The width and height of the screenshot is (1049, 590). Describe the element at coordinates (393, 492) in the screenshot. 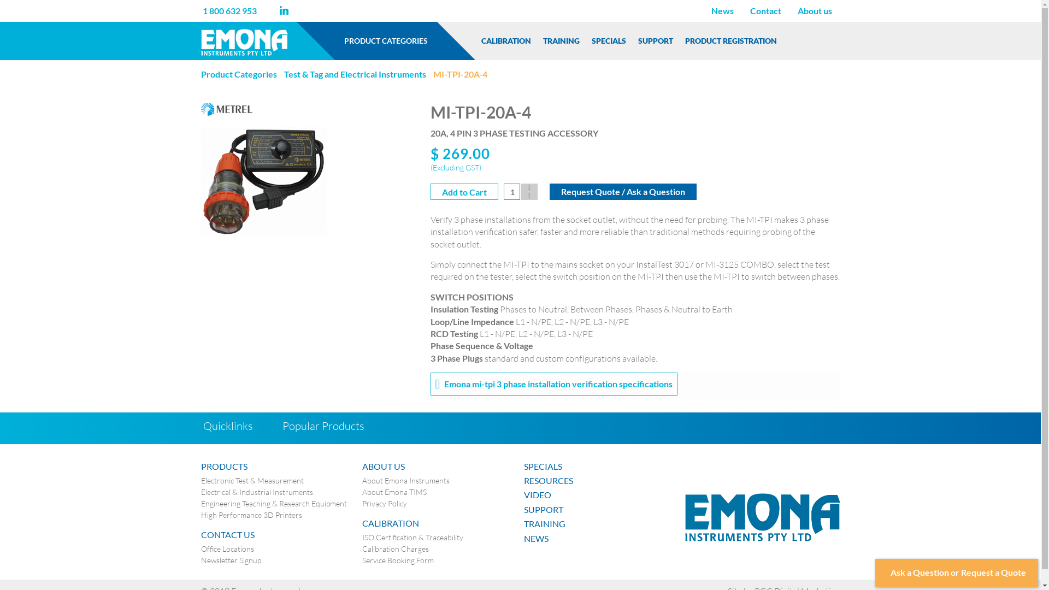

I see `'About Emona TIMS'` at that location.